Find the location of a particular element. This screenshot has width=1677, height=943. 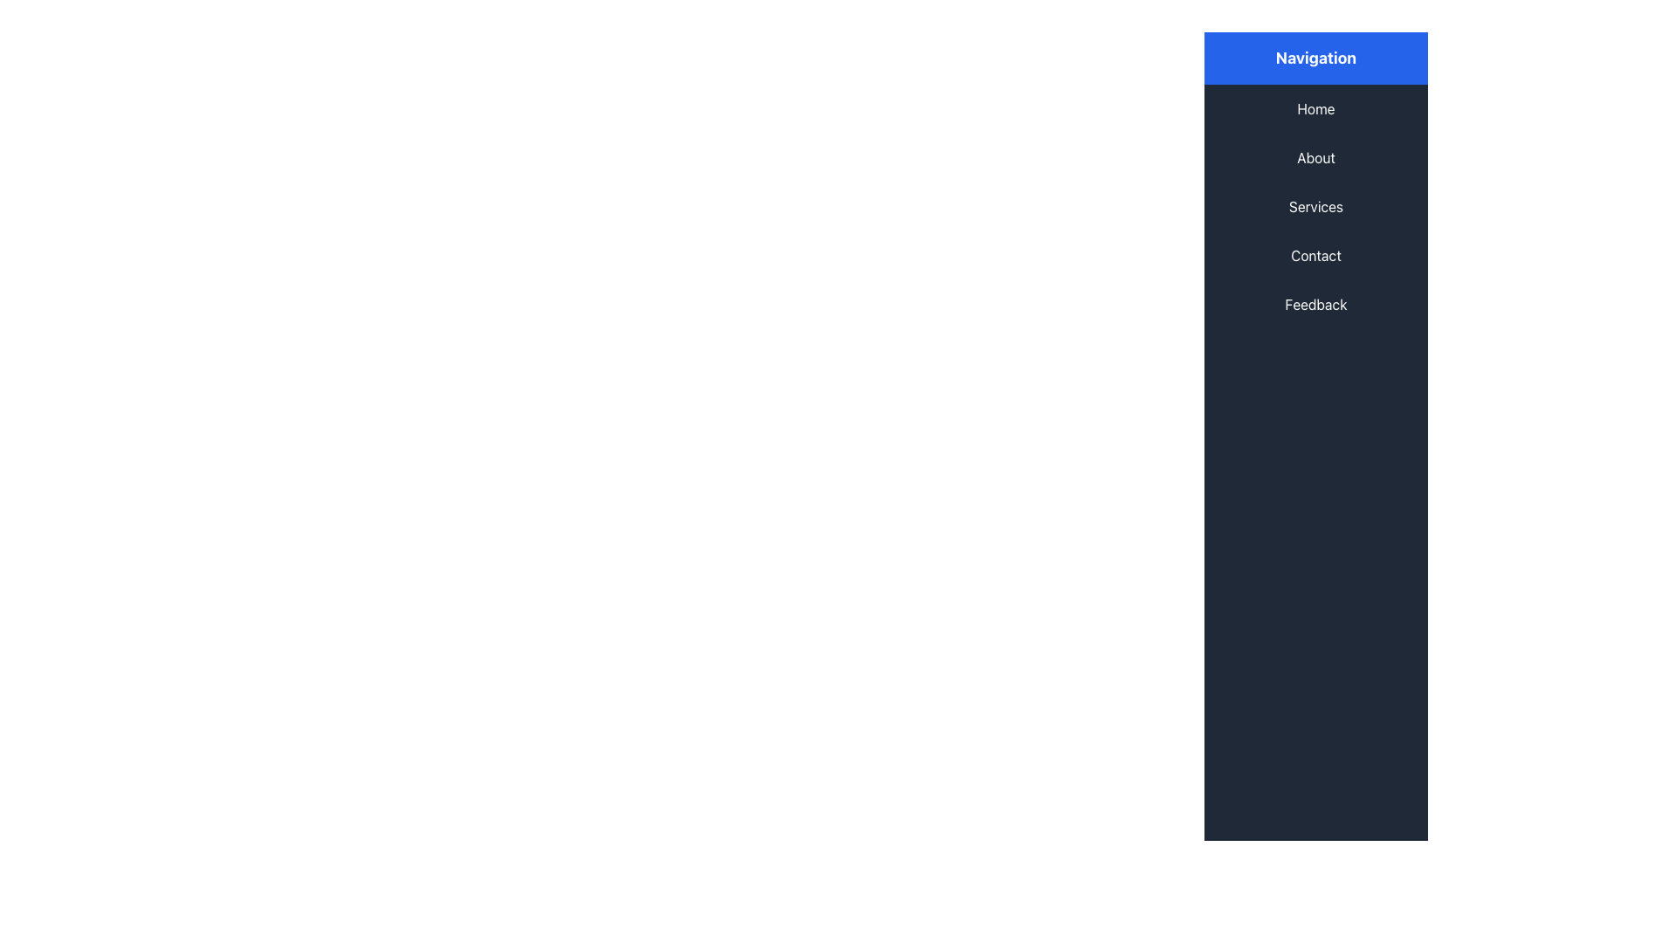

the 'Services' button located in the sidebar navigation menu, positioned as the third item in a vertical list of buttons is located at coordinates (1316, 205).